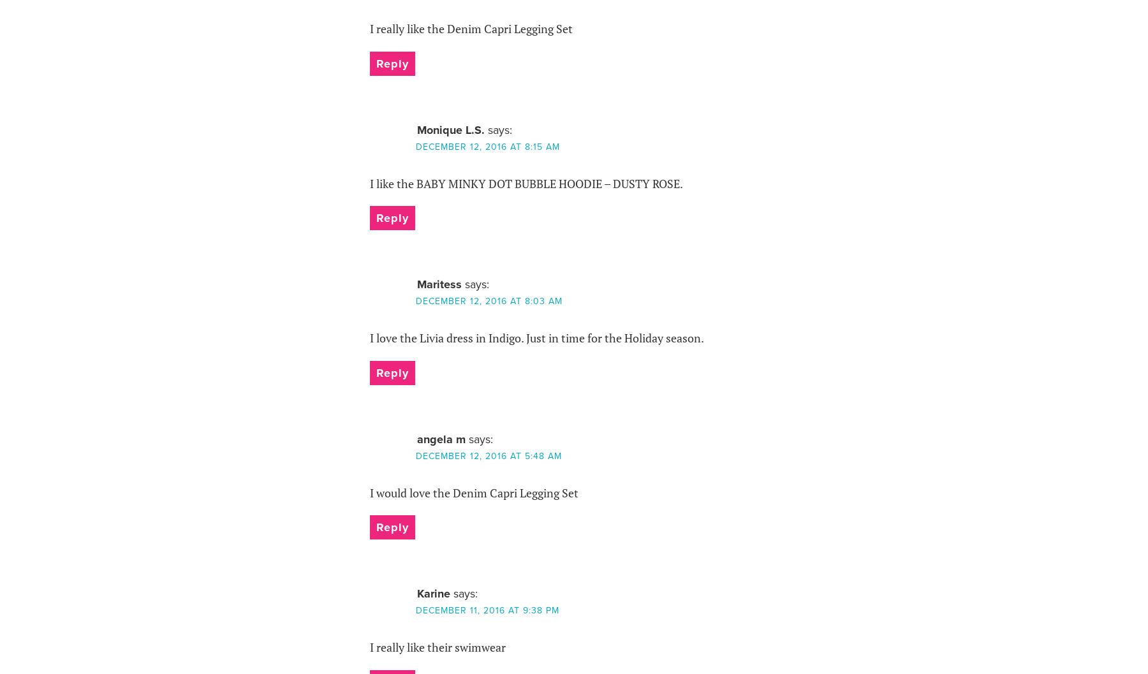  Describe the element at coordinates (536, 337) in the screenshot. I see `'I love the Livia dress in Indigo.  Just in time for the Holiday season.'` at that location.